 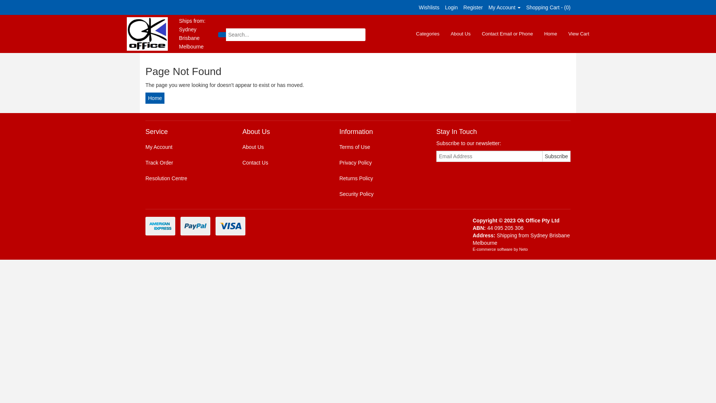 What do you see at coordinates (222, 34) in the screenshot?
I see `'Search'` at bounding box center [222, 34].